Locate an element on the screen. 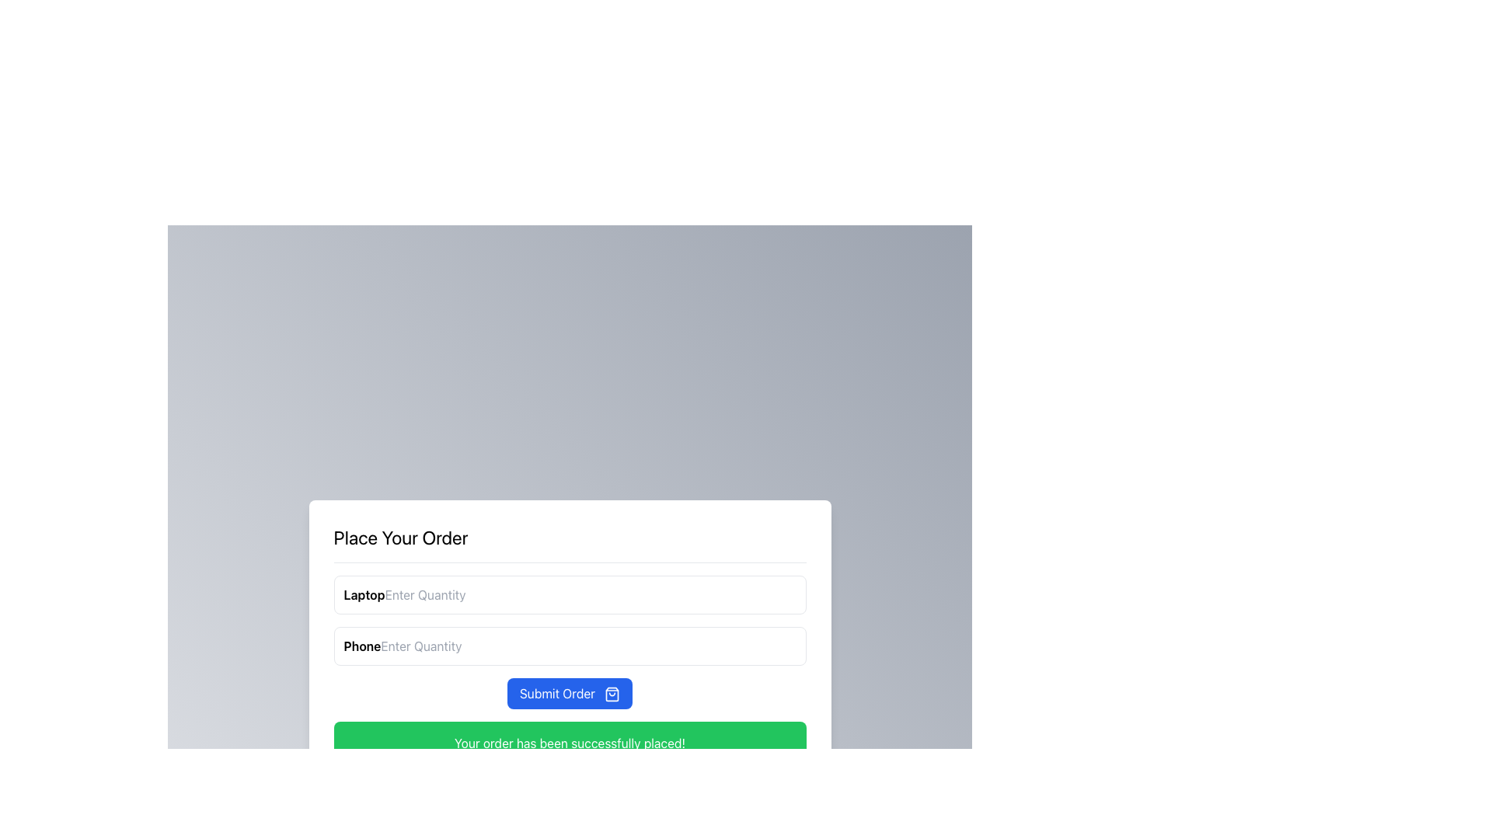 Image resolution: width=1492 pixels, height=839 pixels. notification message displayed in the Notification Banner that indicates the order submission was successful is located at coordinates (569, 742).